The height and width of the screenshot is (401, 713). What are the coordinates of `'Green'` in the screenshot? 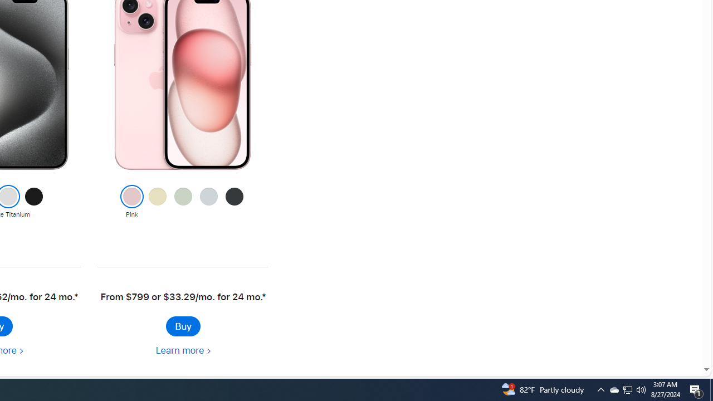 It's located at (183, 202).